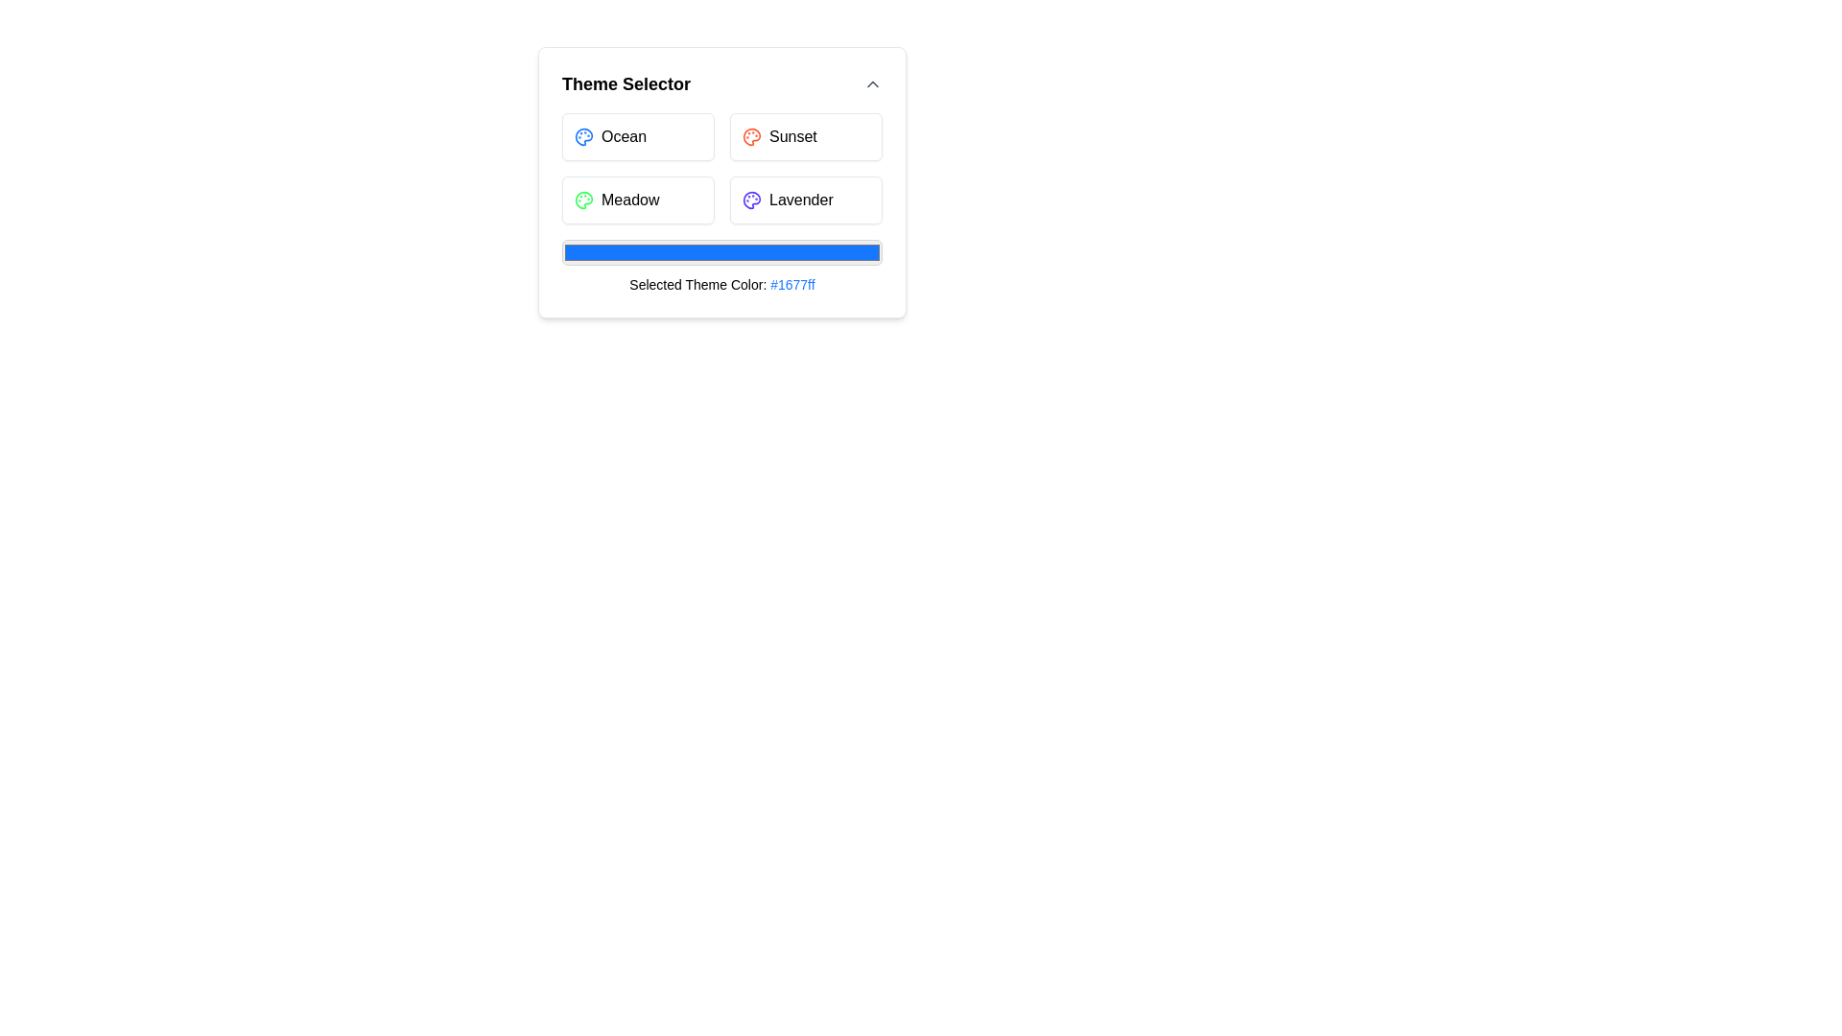 Image resolution: width=1842 pixels, height=1036 pixels. Describe the element at coordinates (872, 83) in the screenshot. I see `the small, upward-pointing chevron icon in the top-right corner of the 'Theme Selector' area to trigger hover effects` at that location.